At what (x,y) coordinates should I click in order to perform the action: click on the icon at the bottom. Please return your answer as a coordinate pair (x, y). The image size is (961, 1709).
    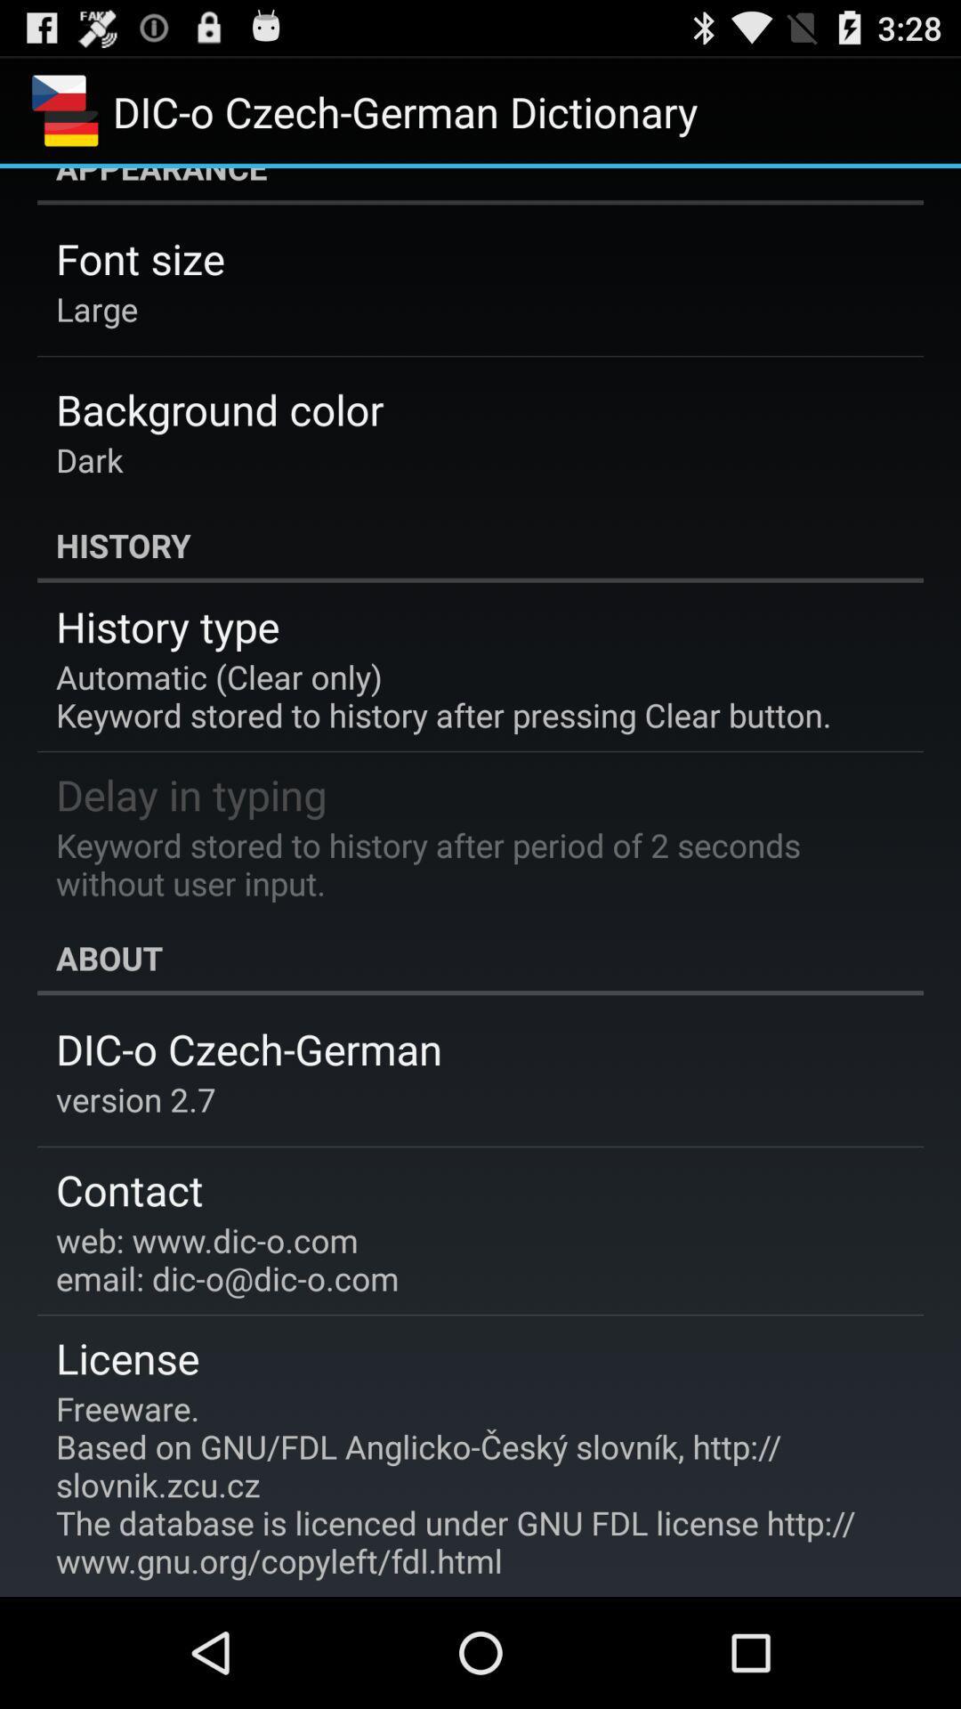
    Looking at the image, I should click on (467, 1485).